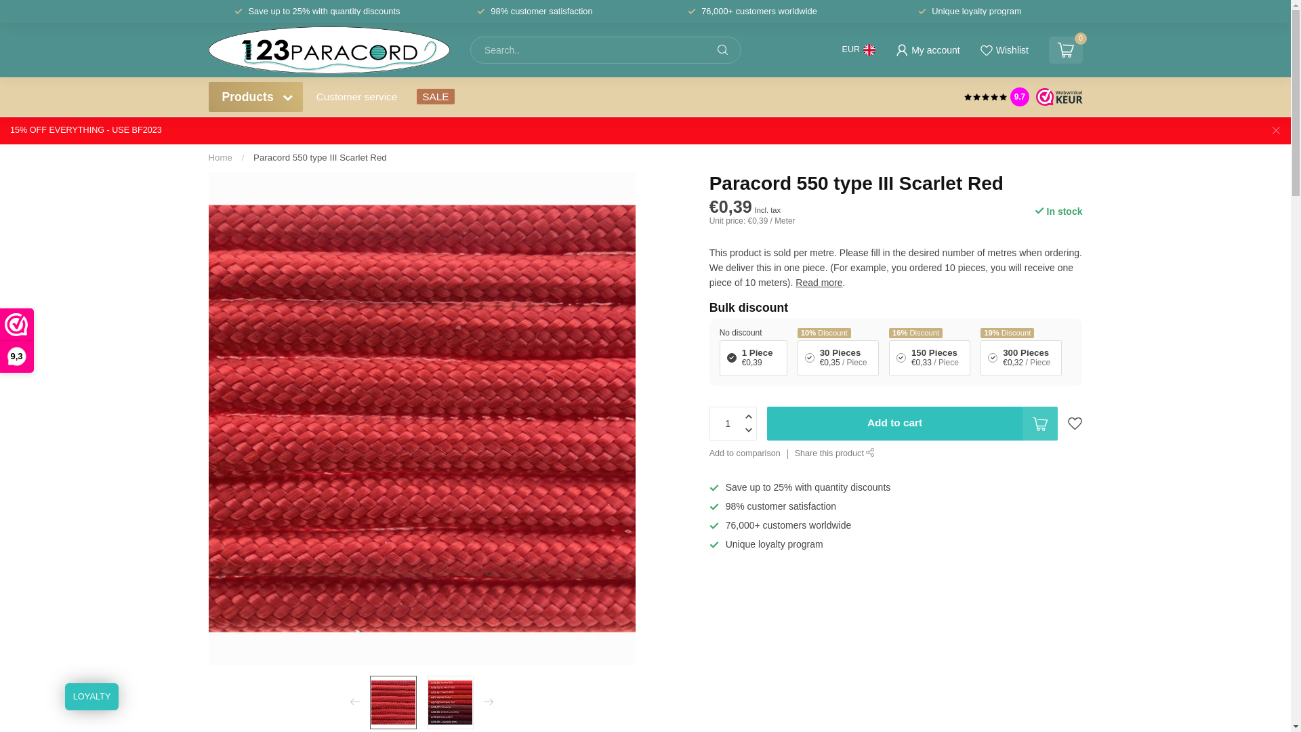 Image resolution: width=1301 pixels, height=732 pixels. What do you see at coordinates (834, 454) in the screenshot?
I see `'Share this product'` at bounding box center [834, 454].